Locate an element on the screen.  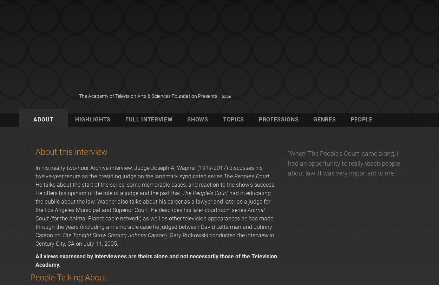
'"When 'The People's Court' came along, I had an opportunity to really teach people about law. It was very important to me."' is located at coordinates (343, 163).